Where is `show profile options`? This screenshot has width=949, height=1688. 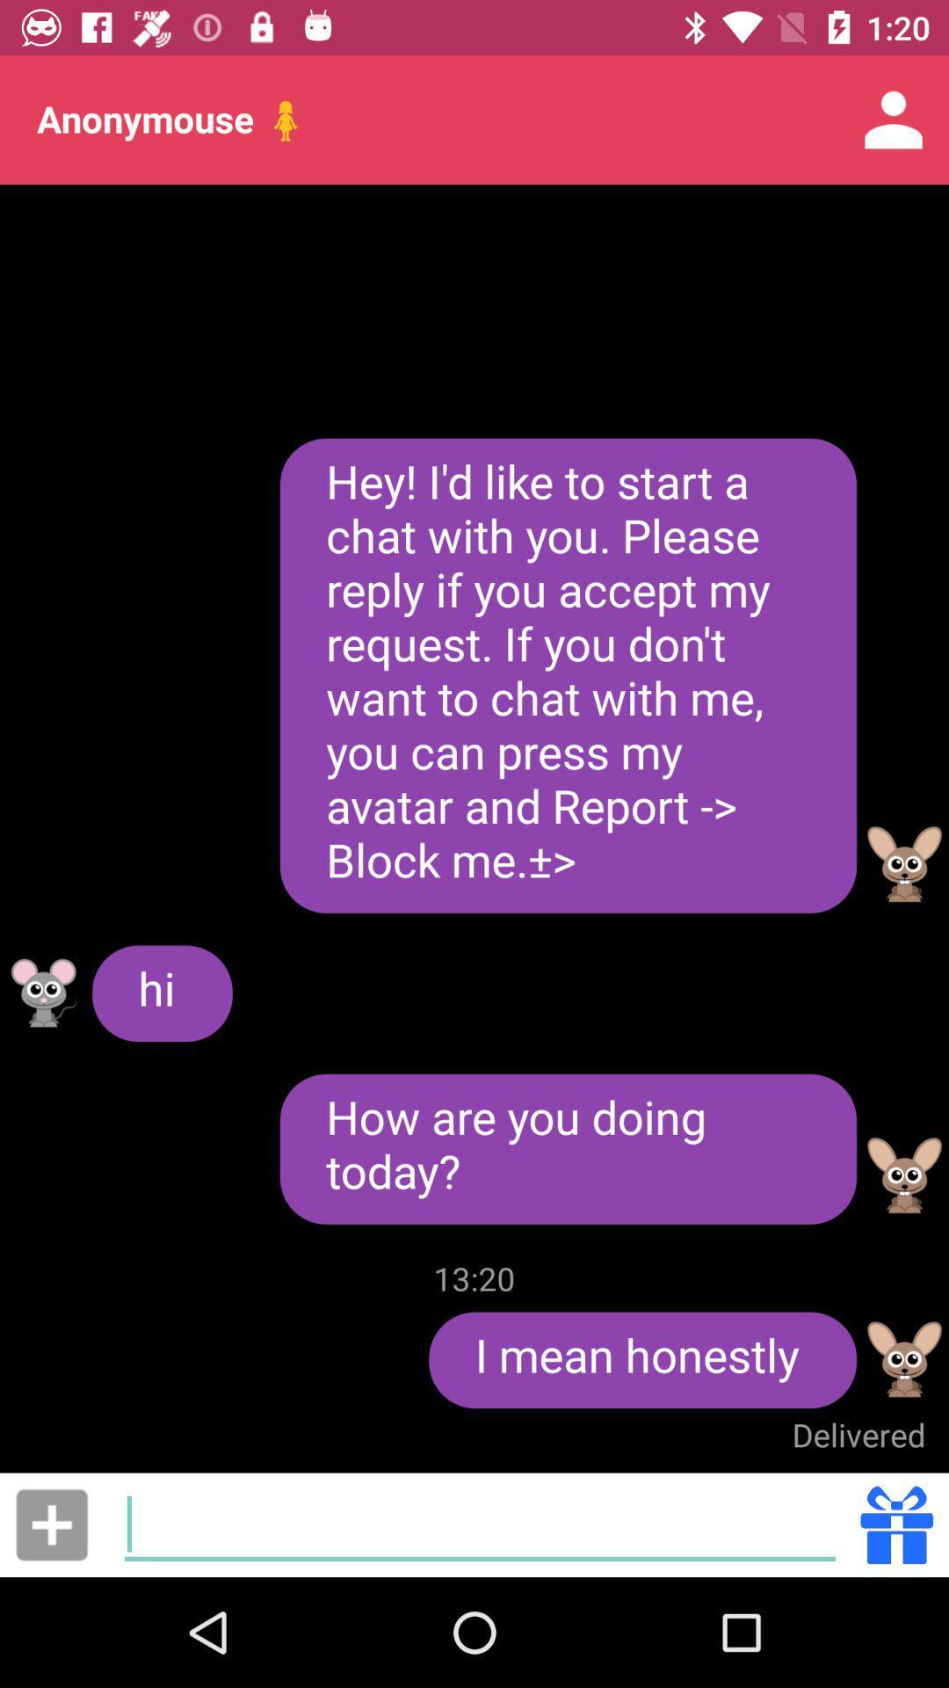
show profile options is located at coordinates (904, 1358).